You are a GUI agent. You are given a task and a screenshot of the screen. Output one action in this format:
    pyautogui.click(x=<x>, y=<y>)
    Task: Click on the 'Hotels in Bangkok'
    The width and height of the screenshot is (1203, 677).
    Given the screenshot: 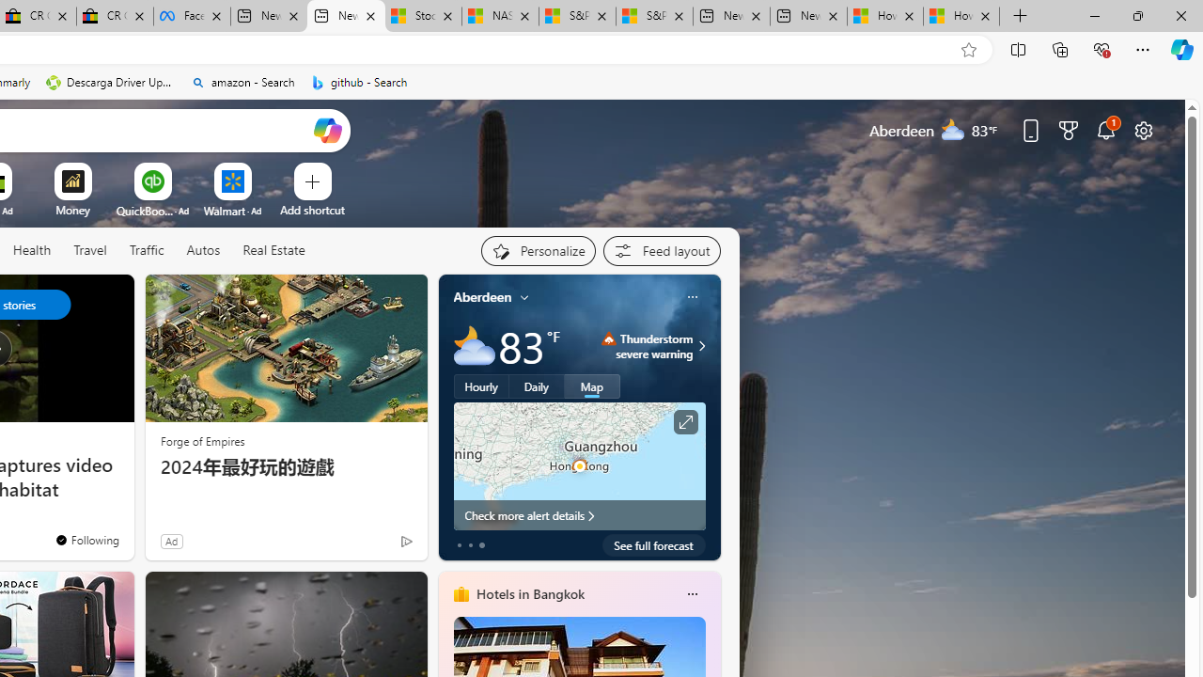 What is the action you would take?
    pyautogui.click(x=528, y=593)
    